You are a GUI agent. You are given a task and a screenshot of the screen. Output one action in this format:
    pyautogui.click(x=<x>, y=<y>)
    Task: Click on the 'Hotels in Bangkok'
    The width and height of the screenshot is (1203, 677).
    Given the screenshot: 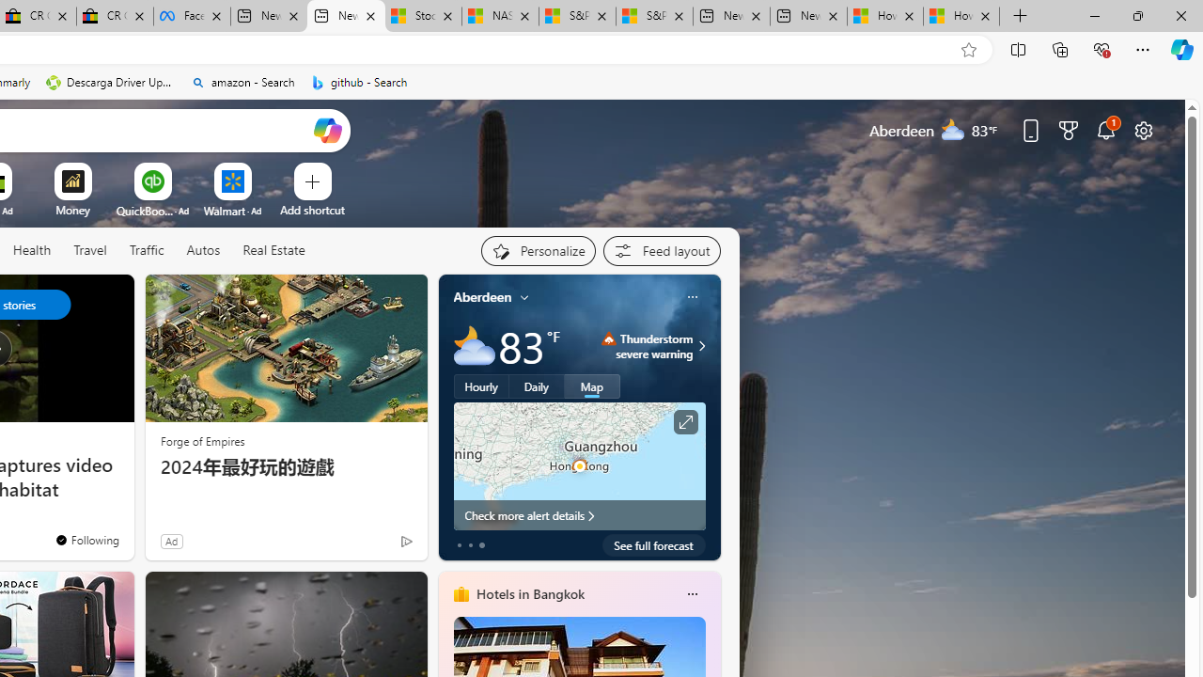 What is the action you would take?
    pyautogui.click(x=528, y=593)
    